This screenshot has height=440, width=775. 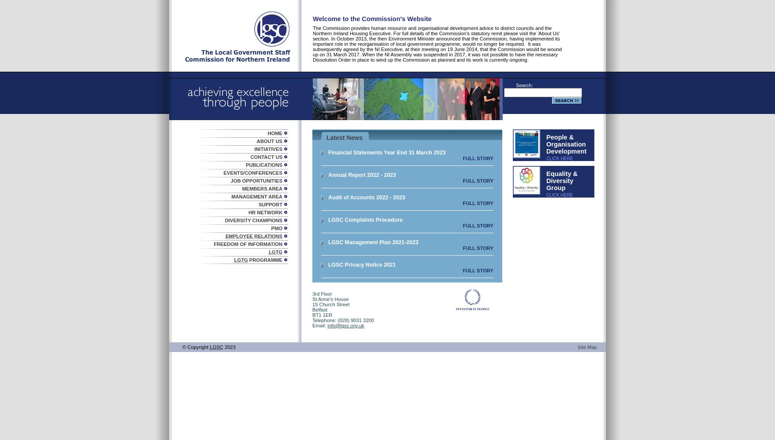 What do you see at coordinates (230, 180) in the screenshot?
I see `'JOB OPPORTUNITIES'` at bounding box center [230, 180].